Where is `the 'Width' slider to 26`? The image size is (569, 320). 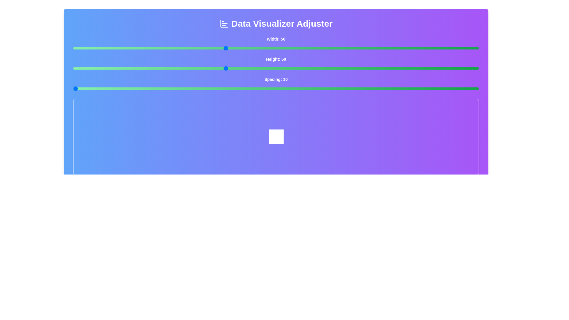 the 'Width' slider to 26 is located at coordinates (103, 48).